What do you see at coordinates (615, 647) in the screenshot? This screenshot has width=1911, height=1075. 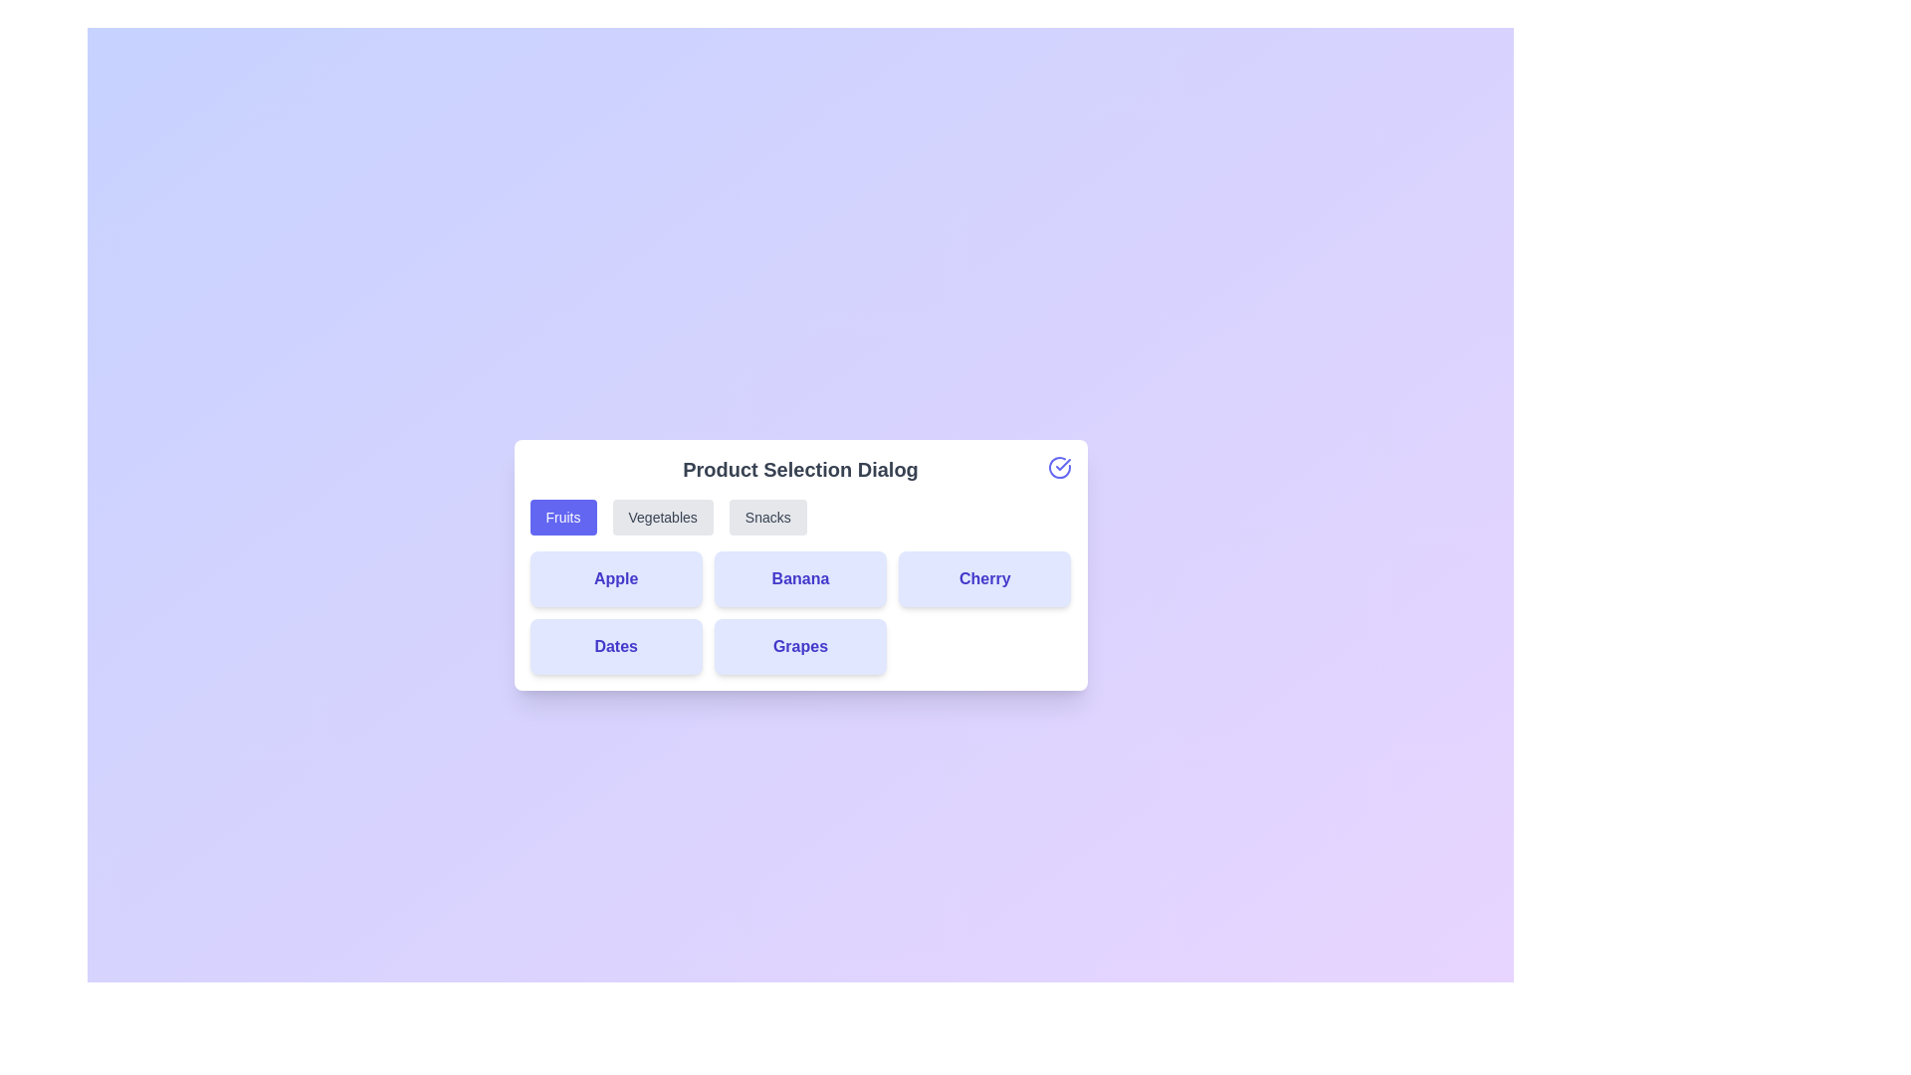 I see `the product card labeled Dates` at bounding box center [615, 647].